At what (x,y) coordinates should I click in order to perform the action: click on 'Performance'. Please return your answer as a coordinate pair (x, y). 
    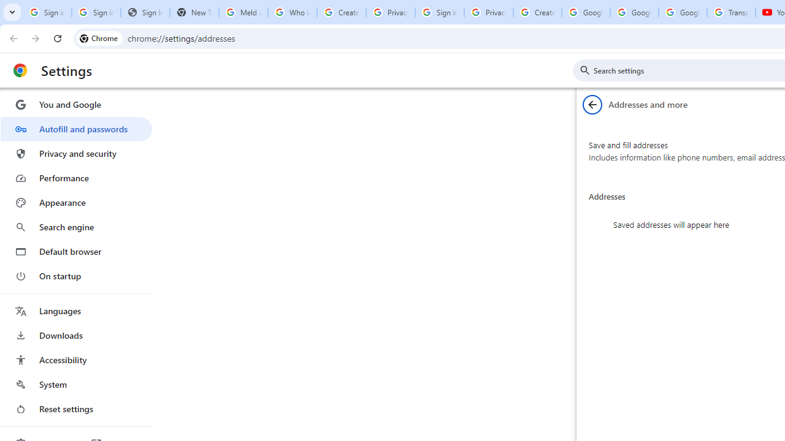
    Looking at the image, I should click on (75, 178).